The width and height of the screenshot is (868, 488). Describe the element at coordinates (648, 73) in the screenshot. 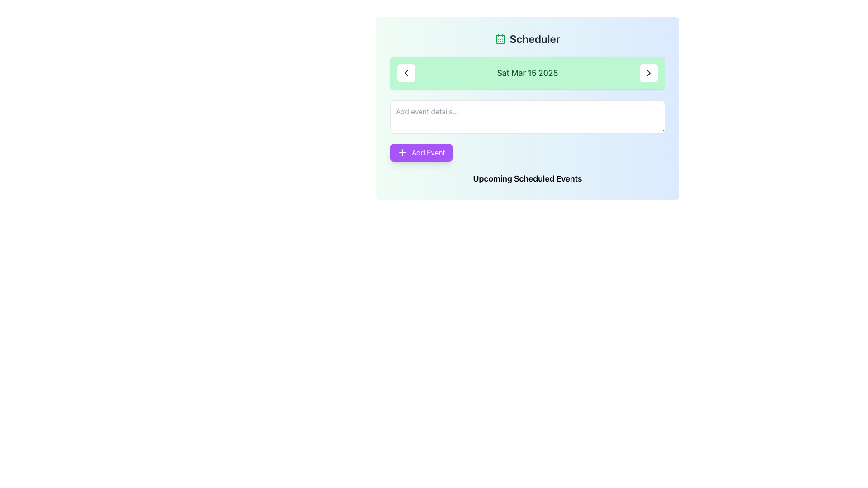

I see `the rightmost rounded rectangular button with a white background and a black chevron pointing to the right, located on the green header bar of the scheduler interface` at that location.